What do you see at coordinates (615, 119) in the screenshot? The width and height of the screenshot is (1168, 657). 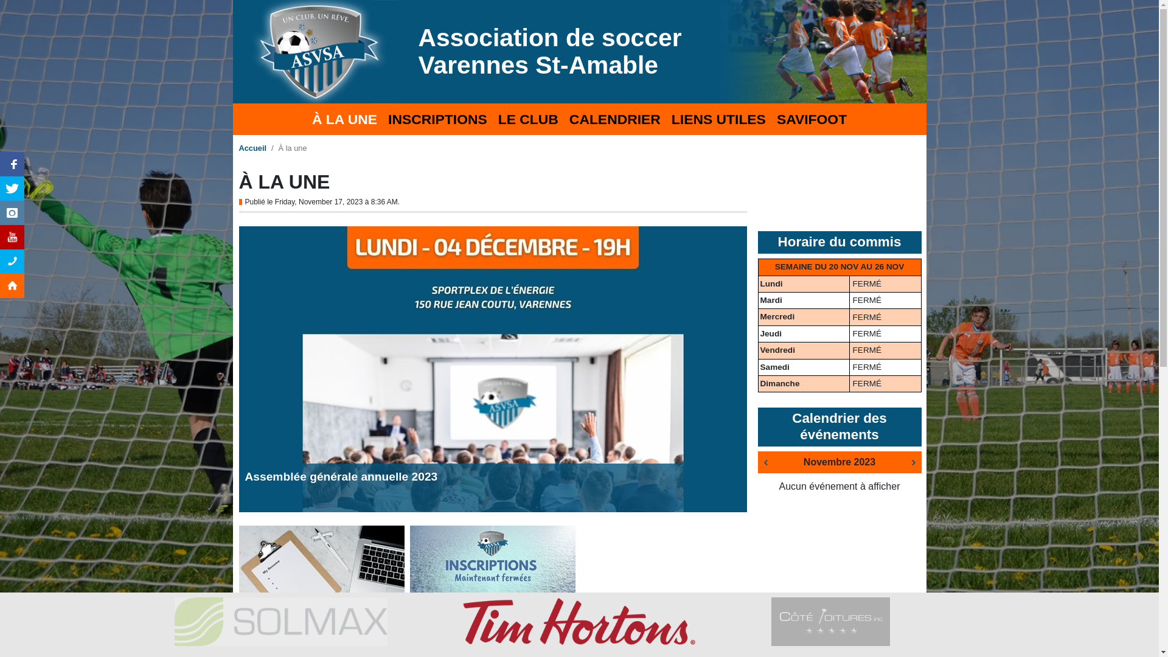 I see `'CALENDRIER'` at bounding box center [615, 119].